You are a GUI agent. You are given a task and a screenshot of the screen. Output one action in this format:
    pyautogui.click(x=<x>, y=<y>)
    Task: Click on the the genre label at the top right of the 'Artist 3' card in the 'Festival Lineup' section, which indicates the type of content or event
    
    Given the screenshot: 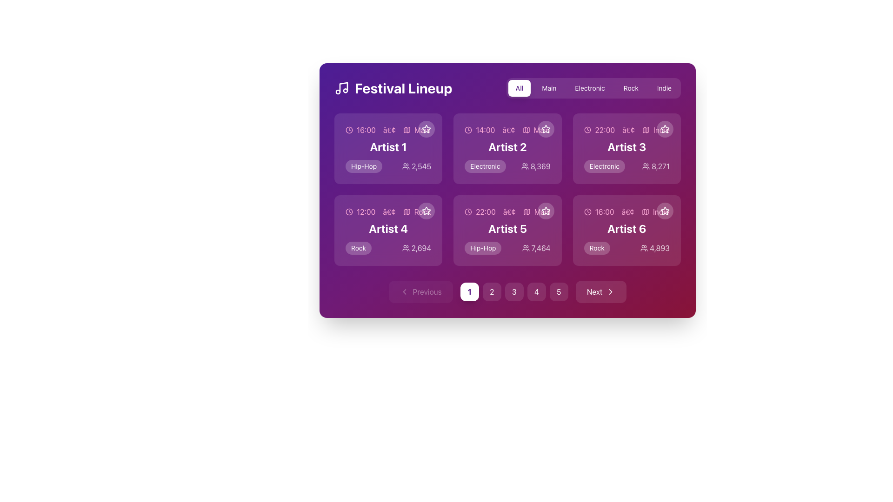 What is the action you would take?
    pyautogui.click(x=661, y=130)
    